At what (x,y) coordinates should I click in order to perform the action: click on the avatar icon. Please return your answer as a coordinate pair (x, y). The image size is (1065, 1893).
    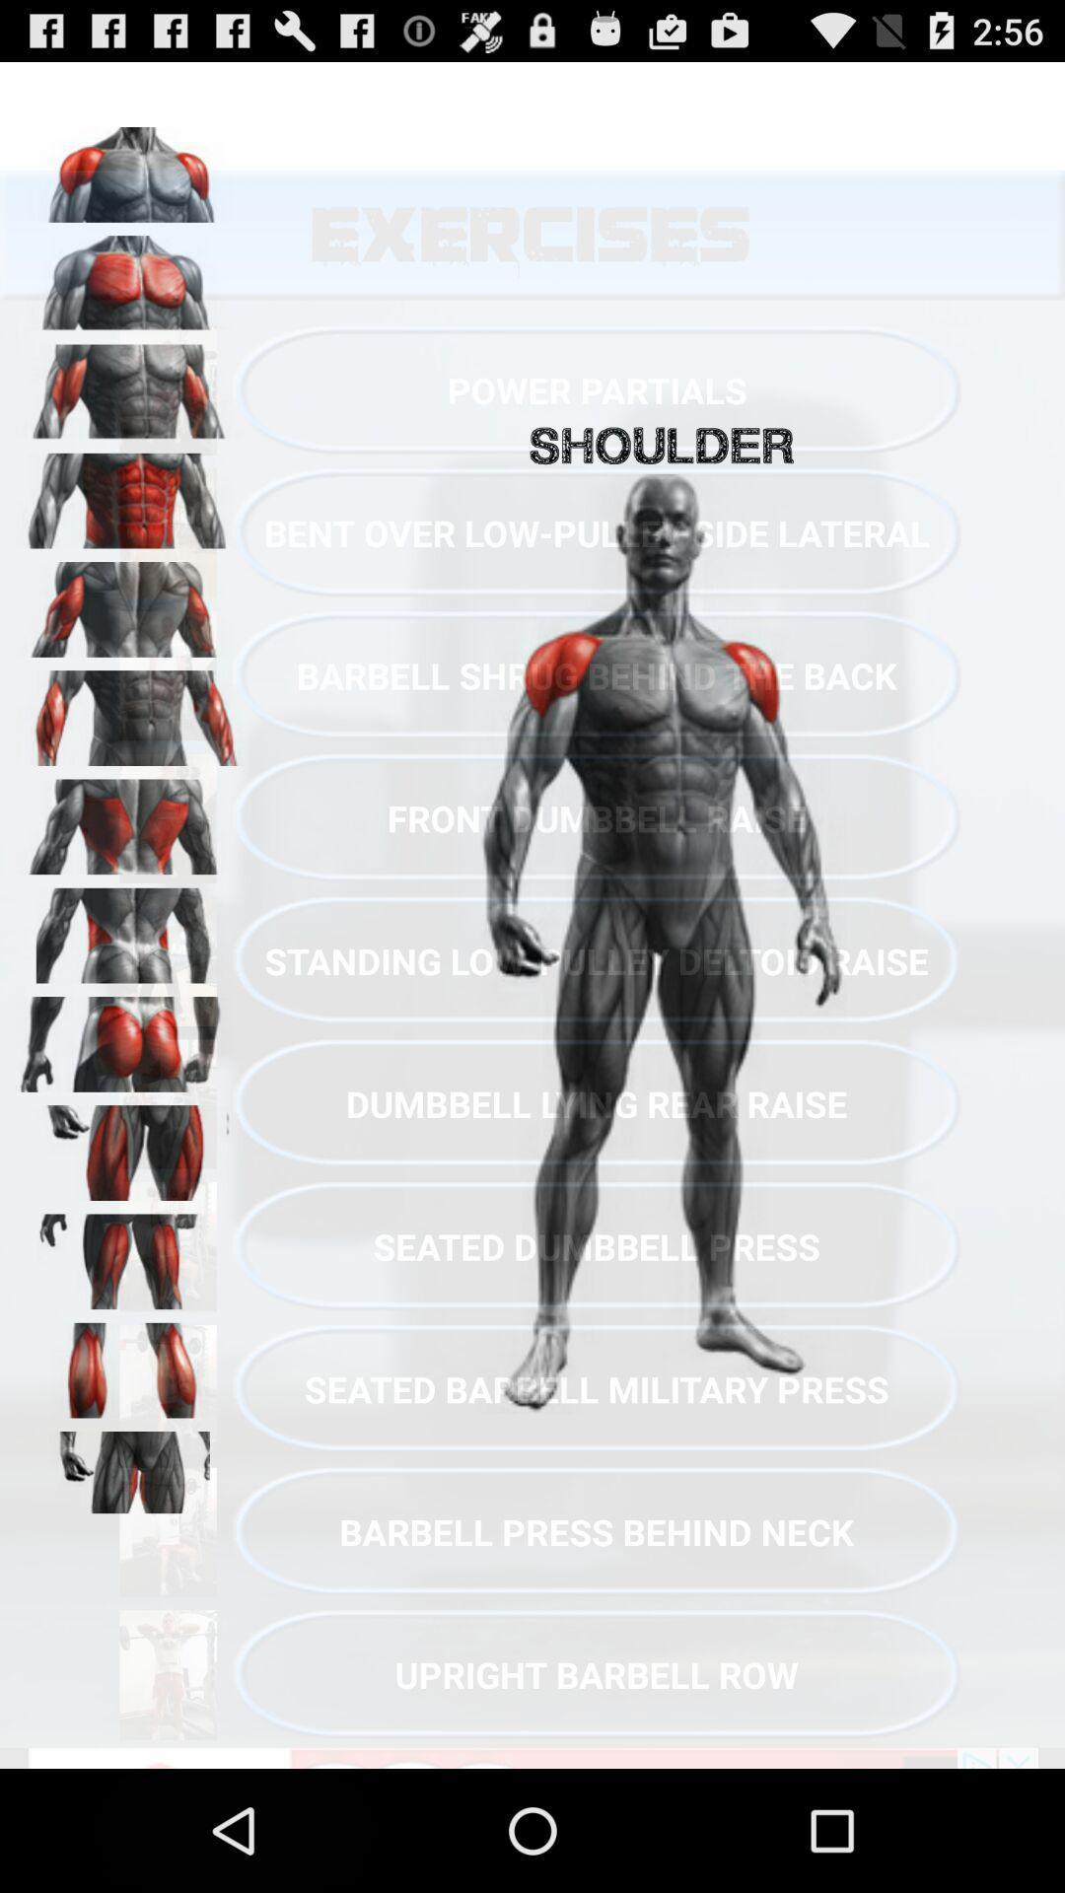
    Looking at the image, I should click on (129, 411).